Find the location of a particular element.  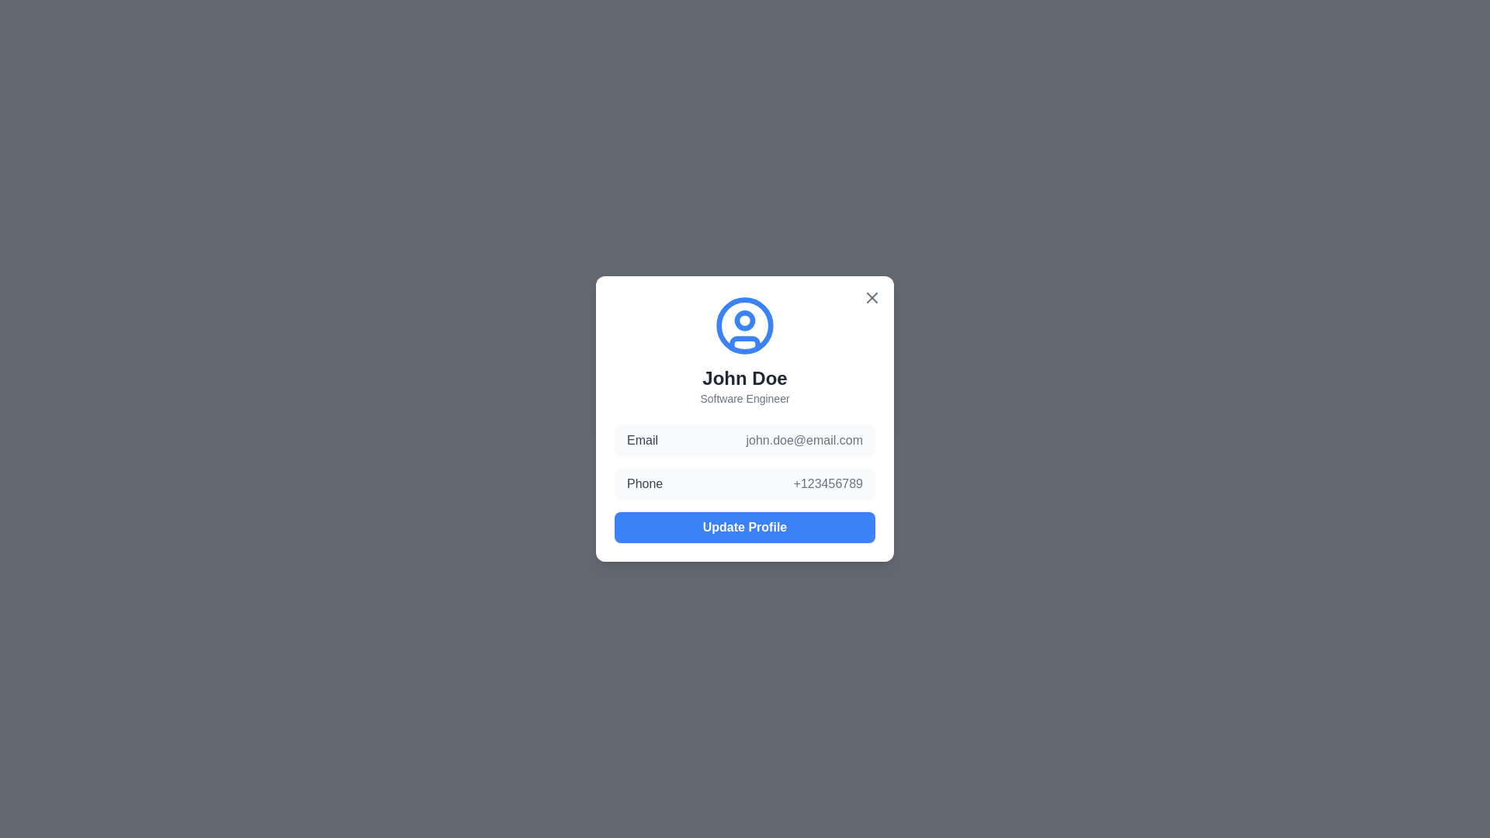

the small diagonal cross (X) icon in the top-right corner of the profile card is located at coordinates (871, 298).